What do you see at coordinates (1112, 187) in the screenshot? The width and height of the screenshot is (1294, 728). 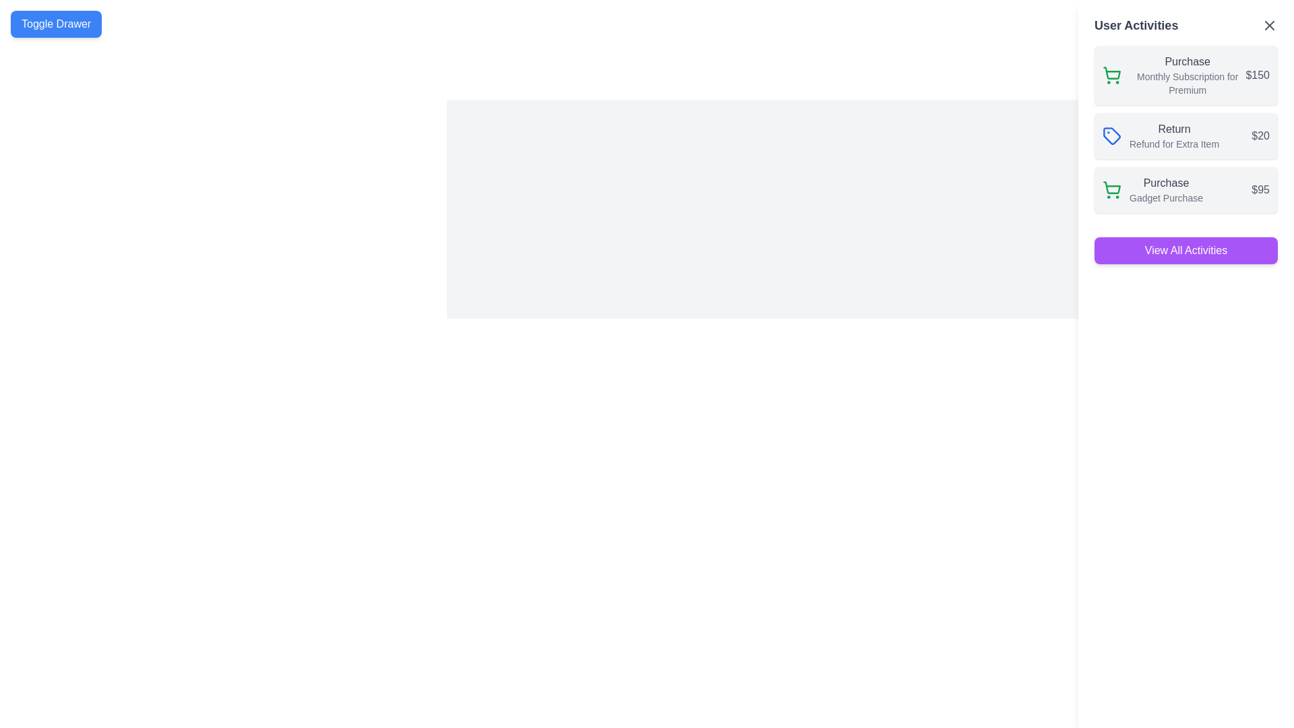 I see `shopping cart SVG icon located in the 'User Activities' panel, within the first activity block titled 'Purchase'` at bounding box center [1112, 187].